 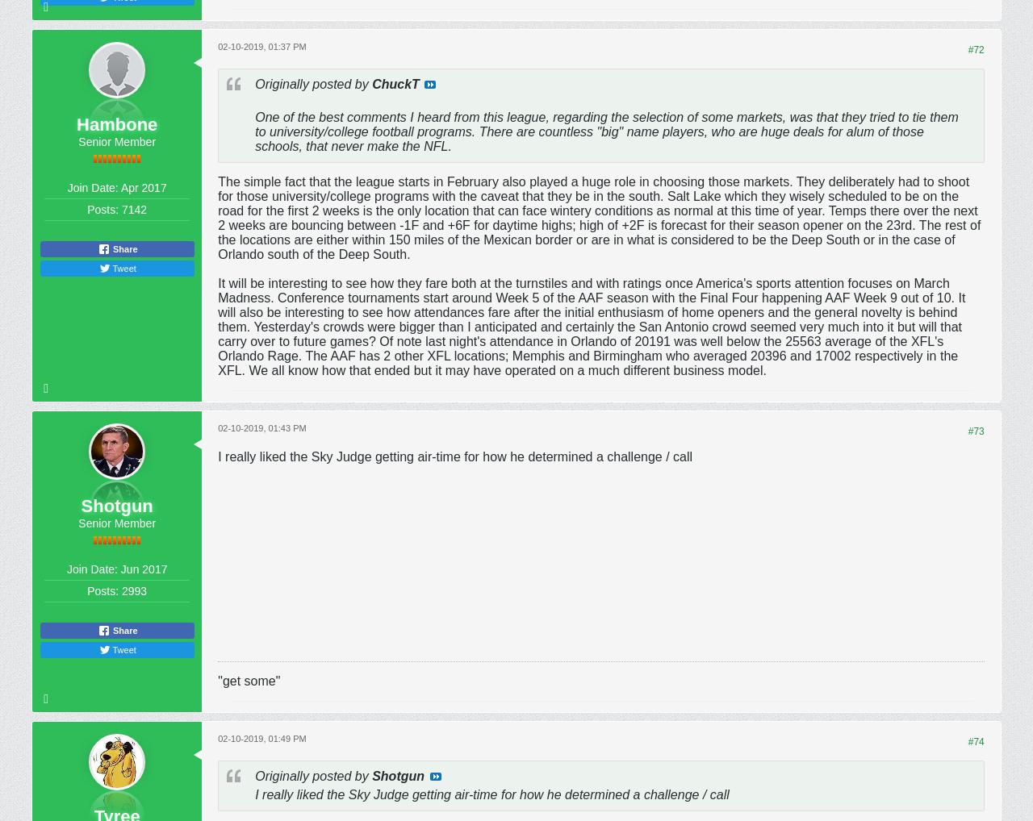 What do you see at coordinates (974, 48) in the screenshot?
I see `'#72'` at bounding box center [974, 48].